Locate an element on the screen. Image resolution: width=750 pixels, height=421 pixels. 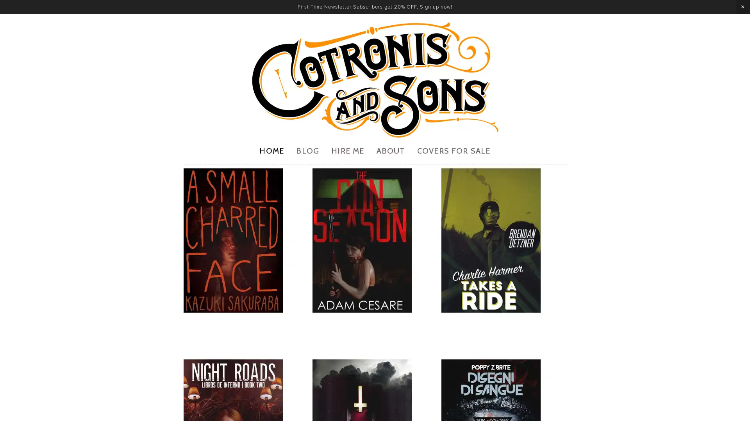
View fullsize 7.jpg is located at coordinates (504, 262).